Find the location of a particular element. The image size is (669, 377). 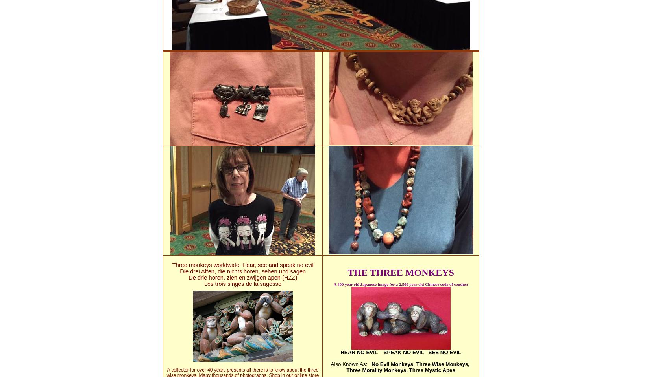

'Les trois singes de la sagesse' is located at coordinates (203, 283).